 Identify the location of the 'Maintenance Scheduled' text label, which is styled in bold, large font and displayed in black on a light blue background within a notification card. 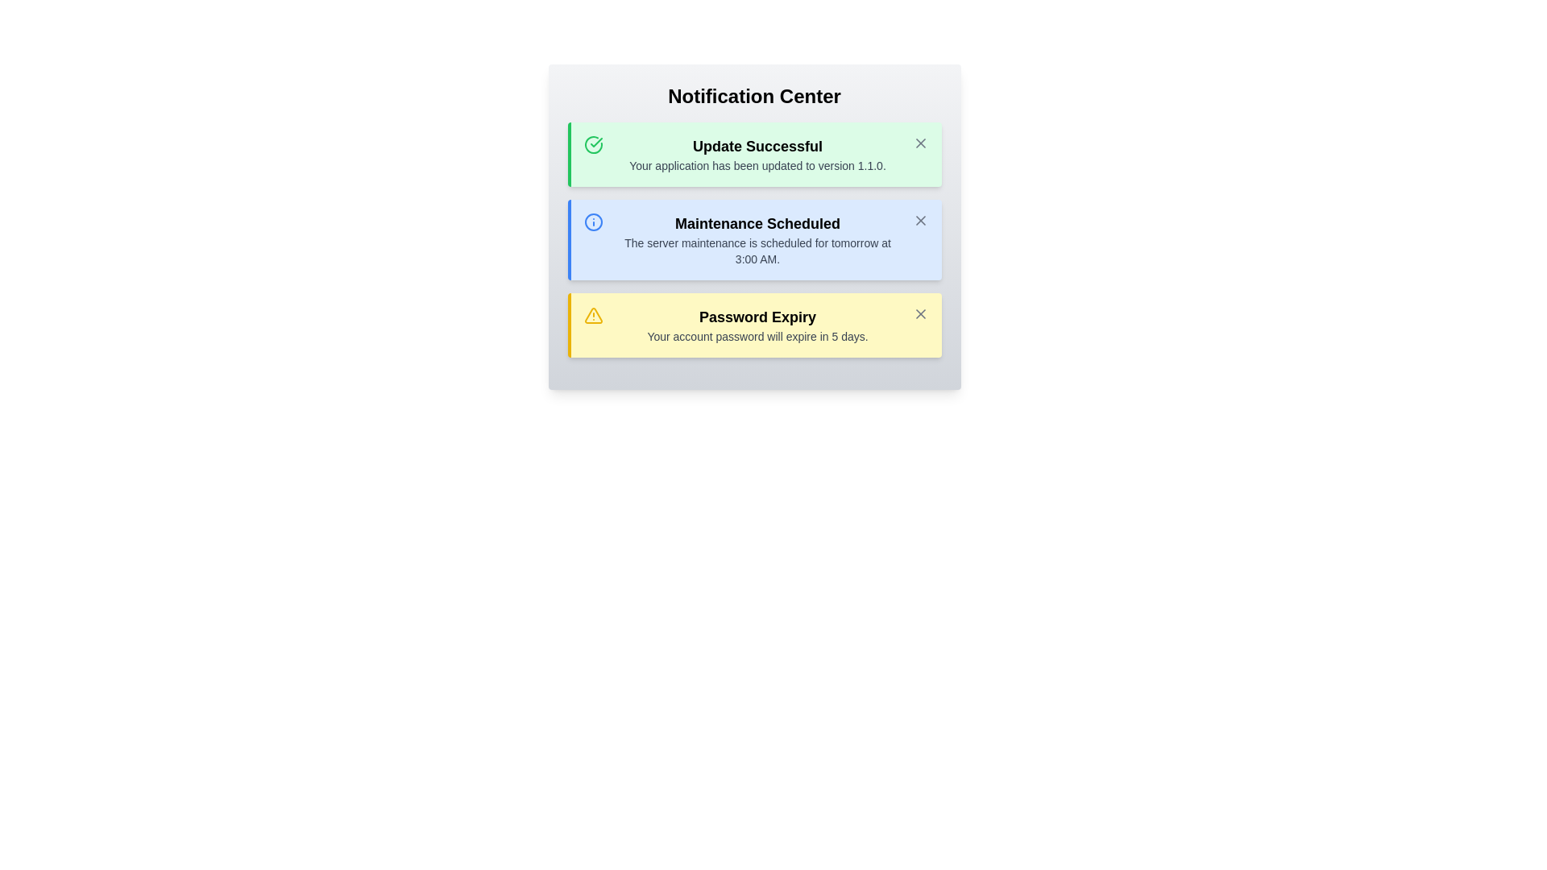
(757, 223).